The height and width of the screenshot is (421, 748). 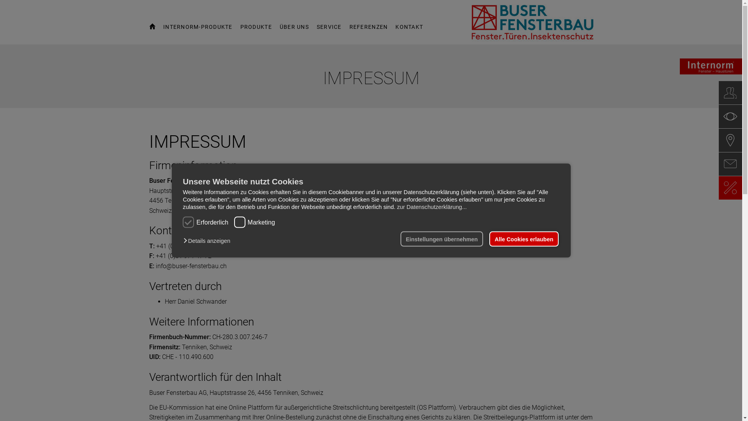 I want to click on 'Details anzeigen', so click(x=208, y=240).